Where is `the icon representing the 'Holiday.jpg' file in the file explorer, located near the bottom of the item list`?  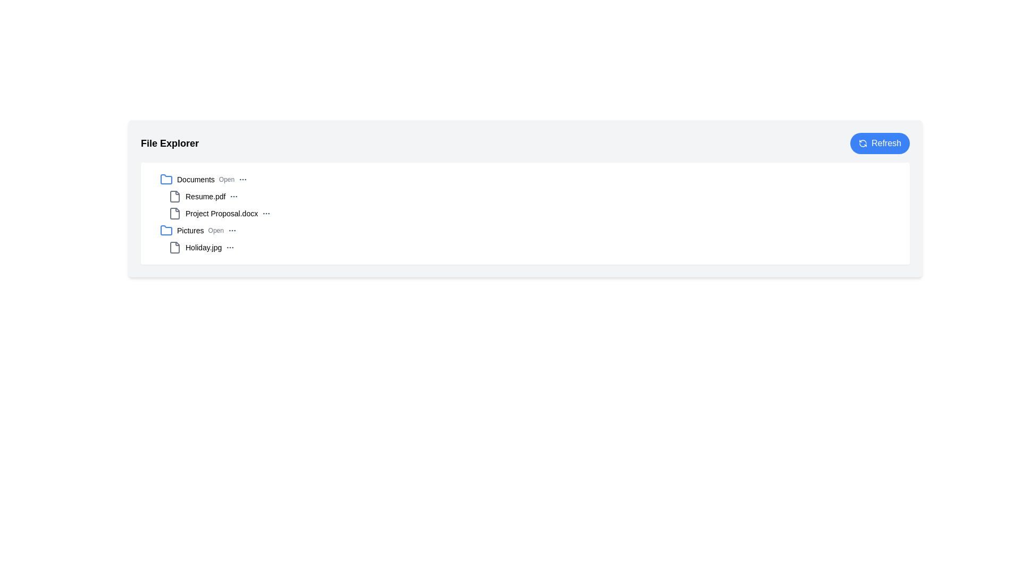 the icon representing the 'Holiday.jpg' file in the file explorer, located near the bottom of the item list is located at coordinates (175, 248).